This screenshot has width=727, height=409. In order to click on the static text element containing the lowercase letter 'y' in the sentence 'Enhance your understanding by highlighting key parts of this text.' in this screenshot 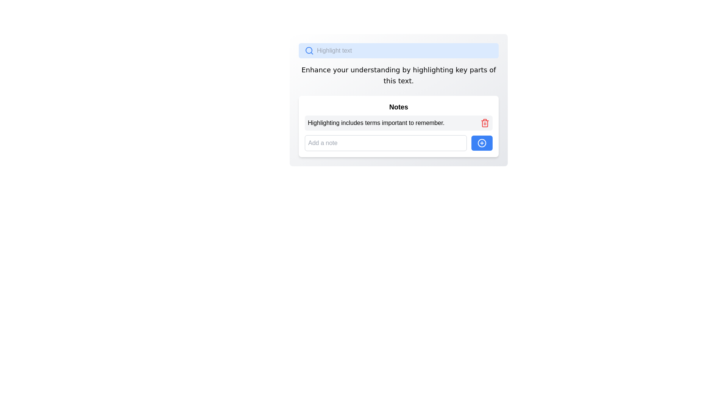, I will do `click(408, 70)`.